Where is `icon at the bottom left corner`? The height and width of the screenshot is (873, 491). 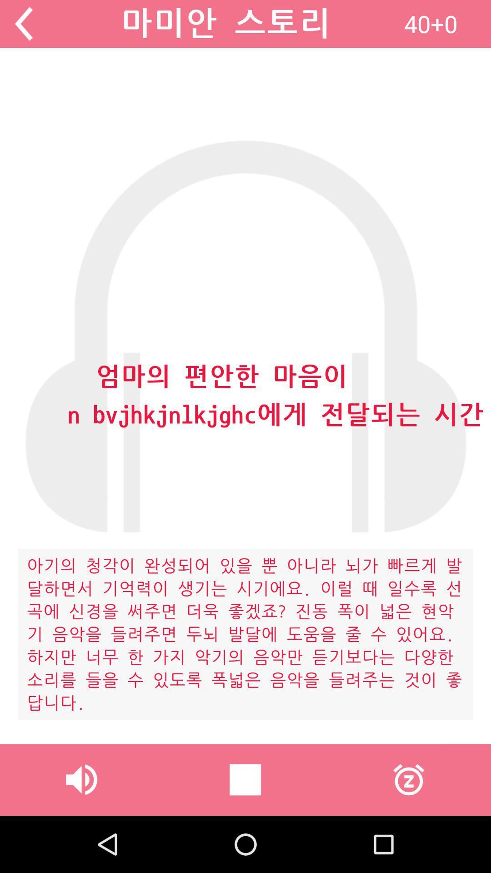 icon at the bottom left corner is located at coordinates (81, 779).